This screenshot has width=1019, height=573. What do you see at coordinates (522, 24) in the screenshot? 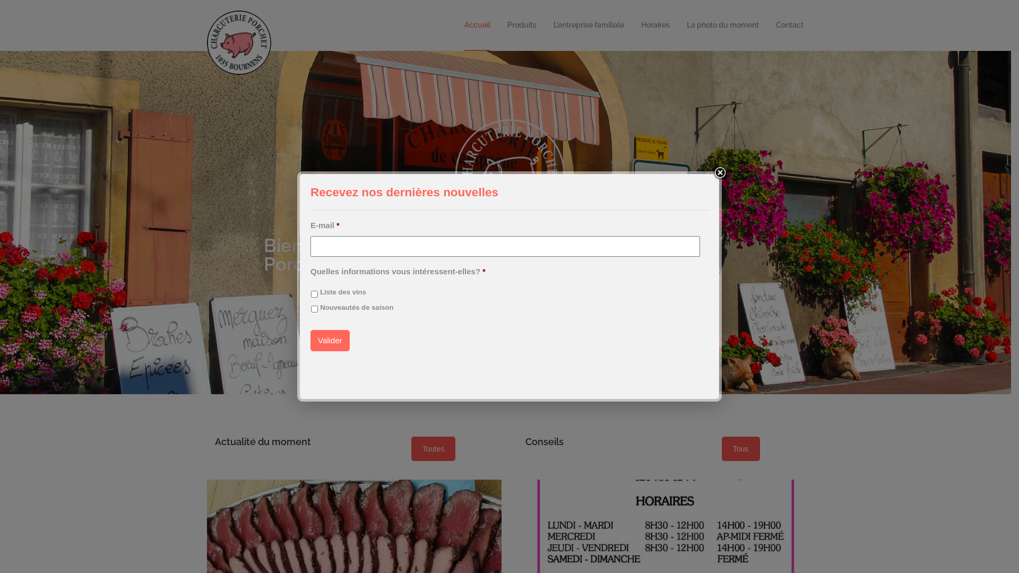
I see `'Produits'` at bounding box center [522, 24].